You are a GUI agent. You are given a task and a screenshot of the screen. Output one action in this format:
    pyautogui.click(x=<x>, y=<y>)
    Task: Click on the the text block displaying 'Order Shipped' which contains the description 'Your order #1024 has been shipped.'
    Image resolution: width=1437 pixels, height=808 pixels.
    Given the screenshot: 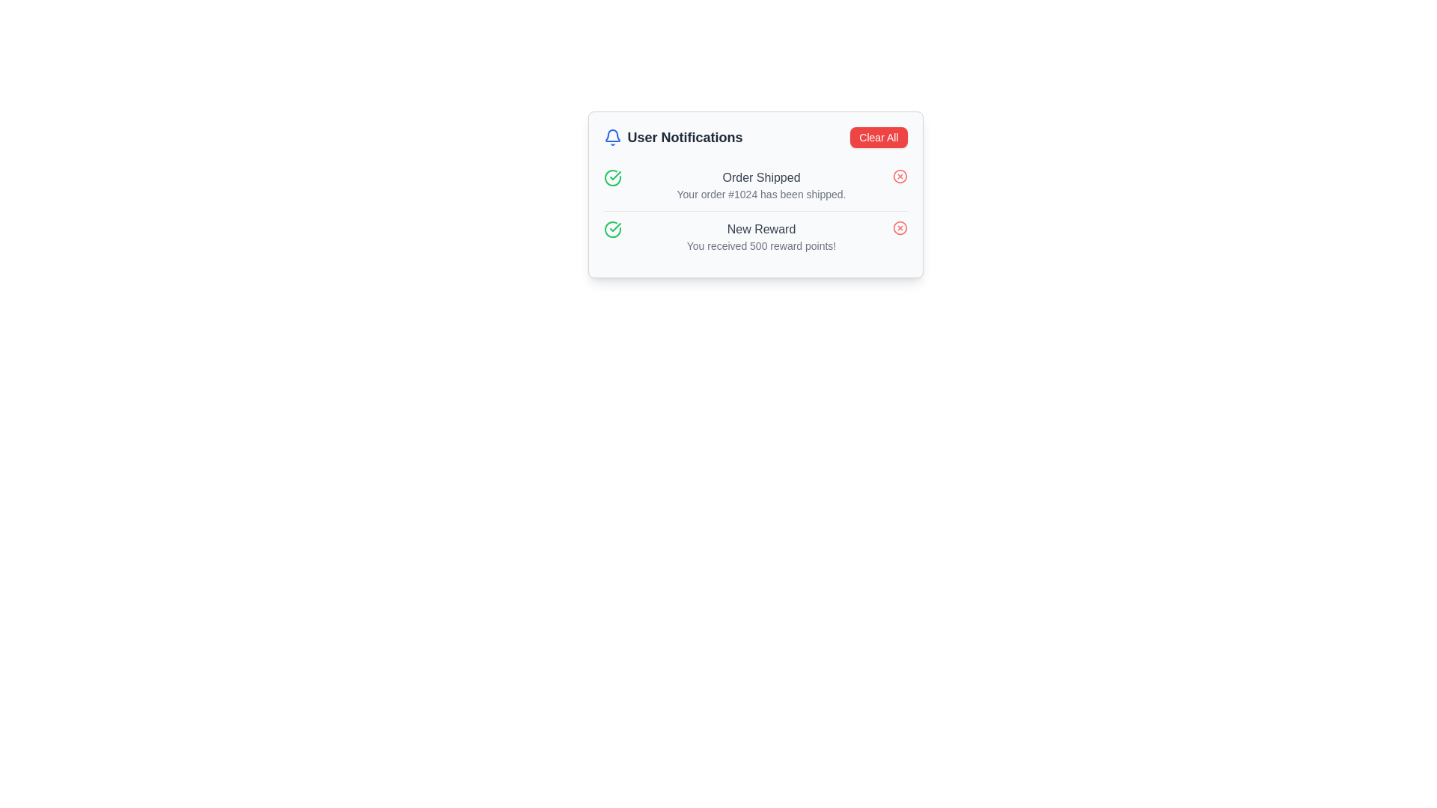 What is the action you would take?
    pyautogui.click(x=761, y=184)
    